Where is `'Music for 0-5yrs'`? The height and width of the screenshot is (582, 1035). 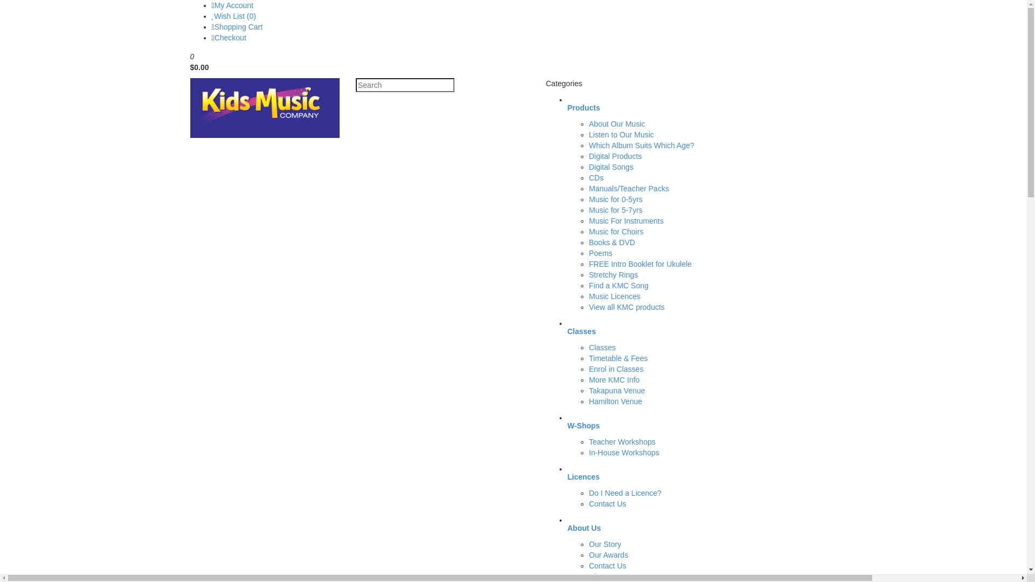
'Music for 0-5yrs' is located at coordinates (616, 199).